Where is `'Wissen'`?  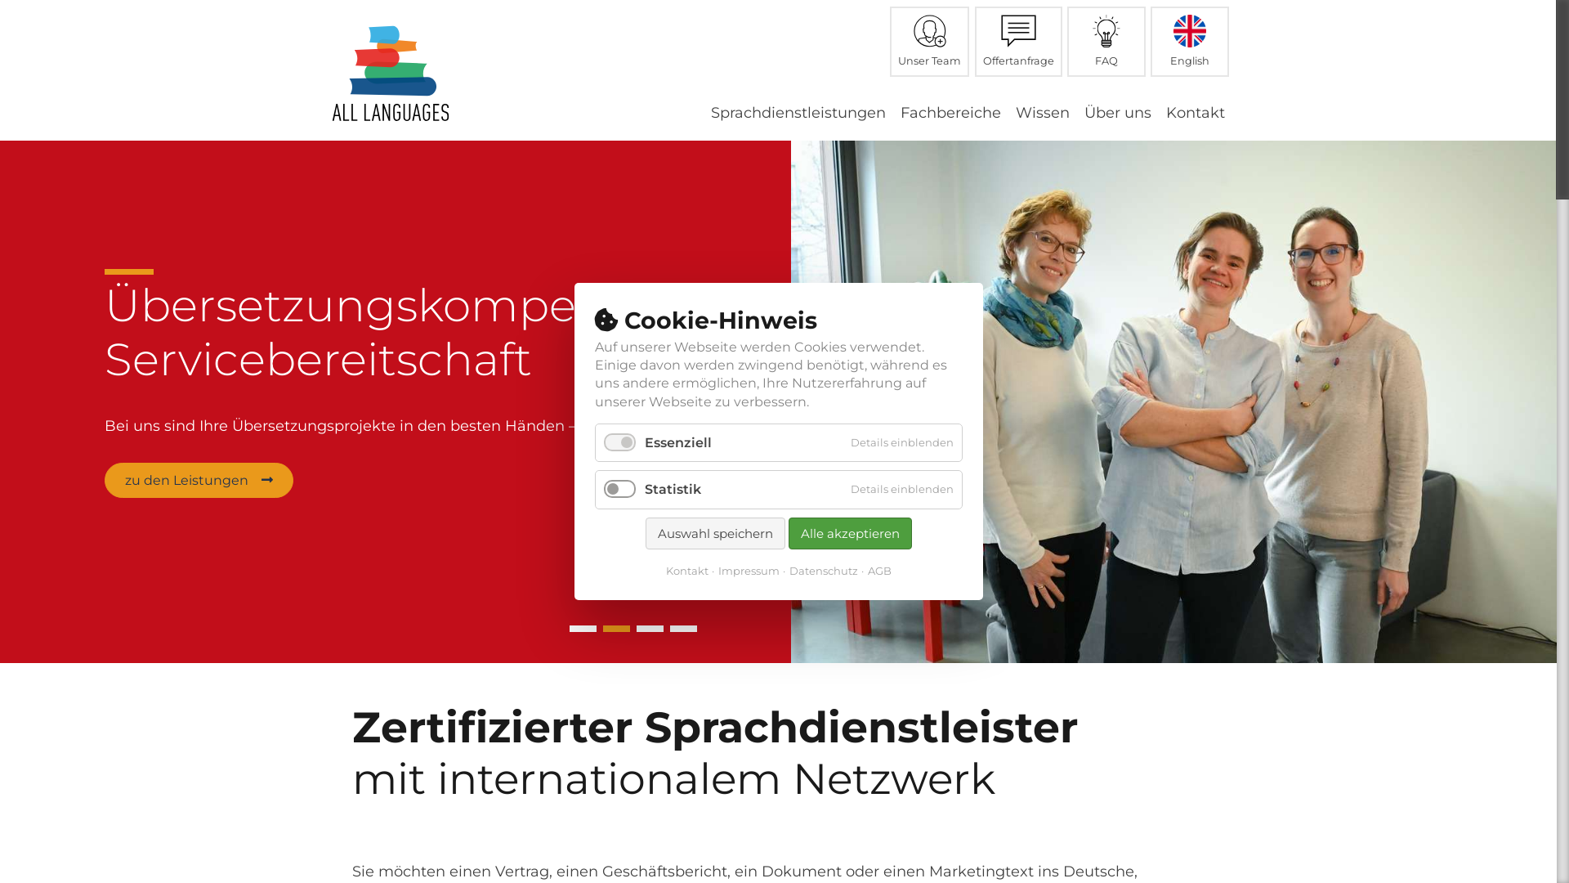 'Wissen' is located at coordinates (1041, 114).